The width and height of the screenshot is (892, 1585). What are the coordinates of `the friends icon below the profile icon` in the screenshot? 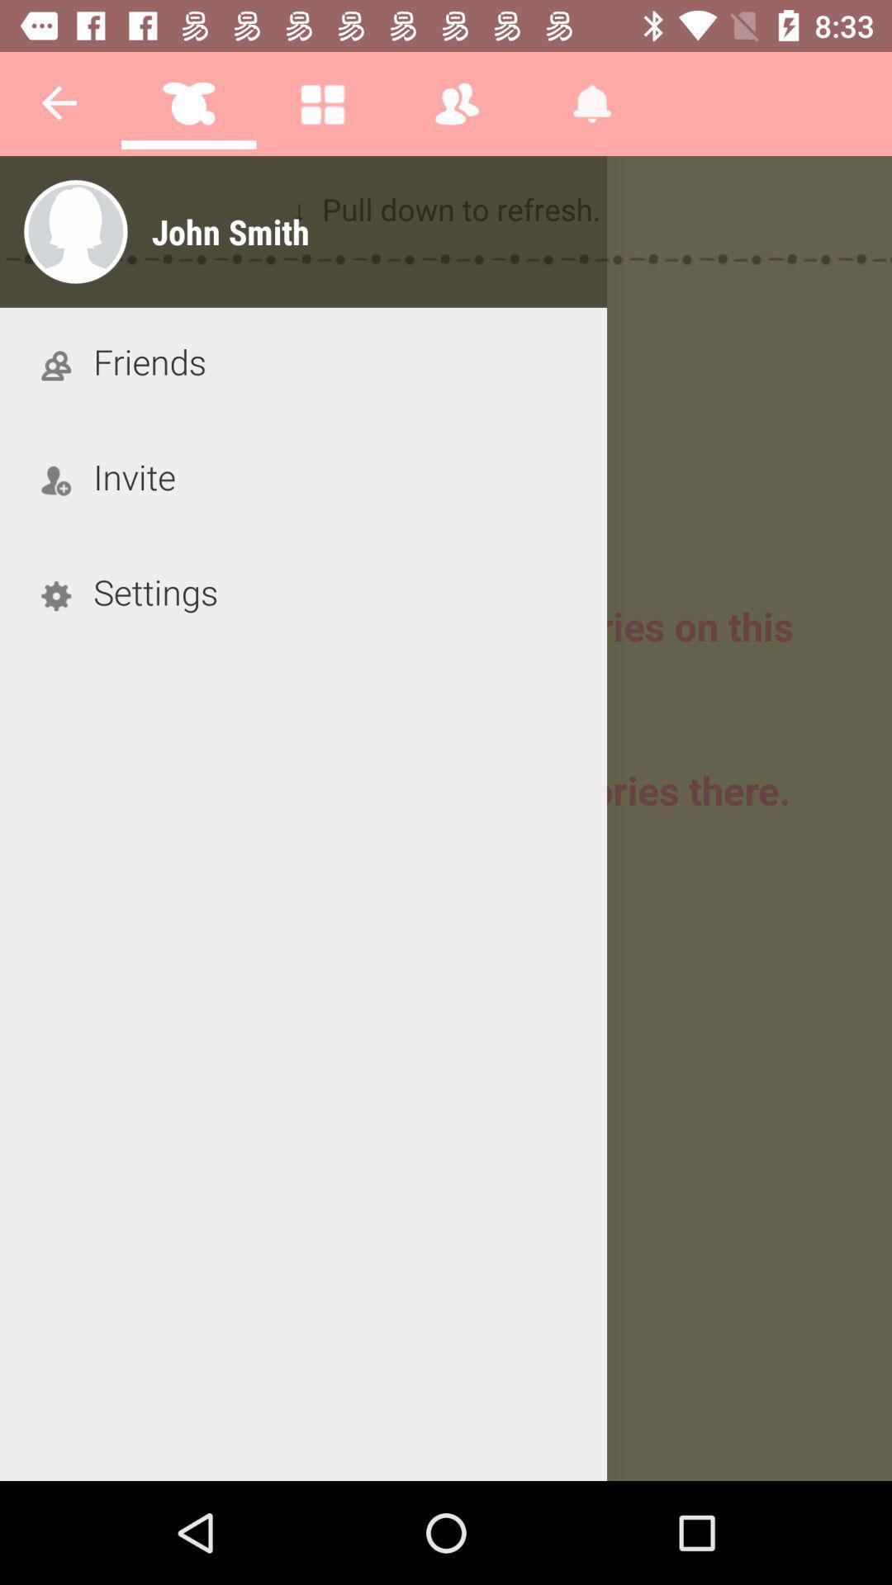 It's located at (55, 363).